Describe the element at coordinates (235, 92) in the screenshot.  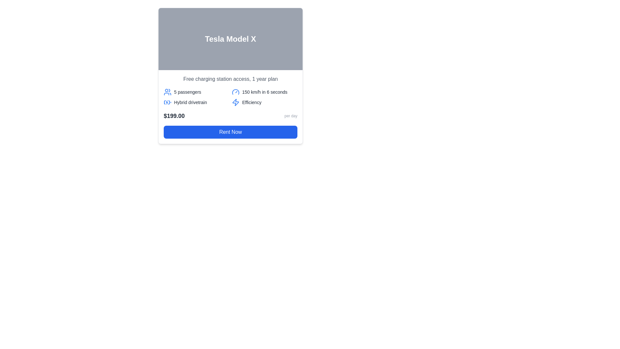
I see `the speed graphical icon located in the middle section of the card layout` at that location.